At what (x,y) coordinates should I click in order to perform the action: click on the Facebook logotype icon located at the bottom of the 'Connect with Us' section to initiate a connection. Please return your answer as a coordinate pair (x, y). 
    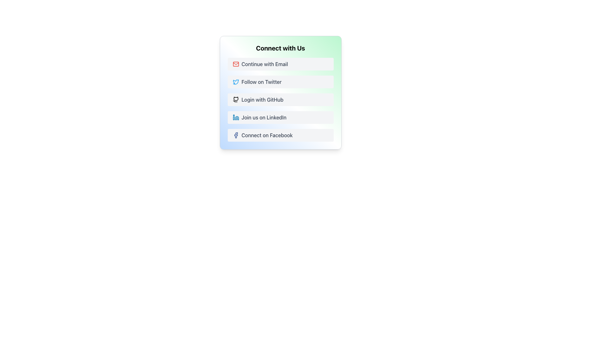
    Looking at the image, I should click on (236, 135).